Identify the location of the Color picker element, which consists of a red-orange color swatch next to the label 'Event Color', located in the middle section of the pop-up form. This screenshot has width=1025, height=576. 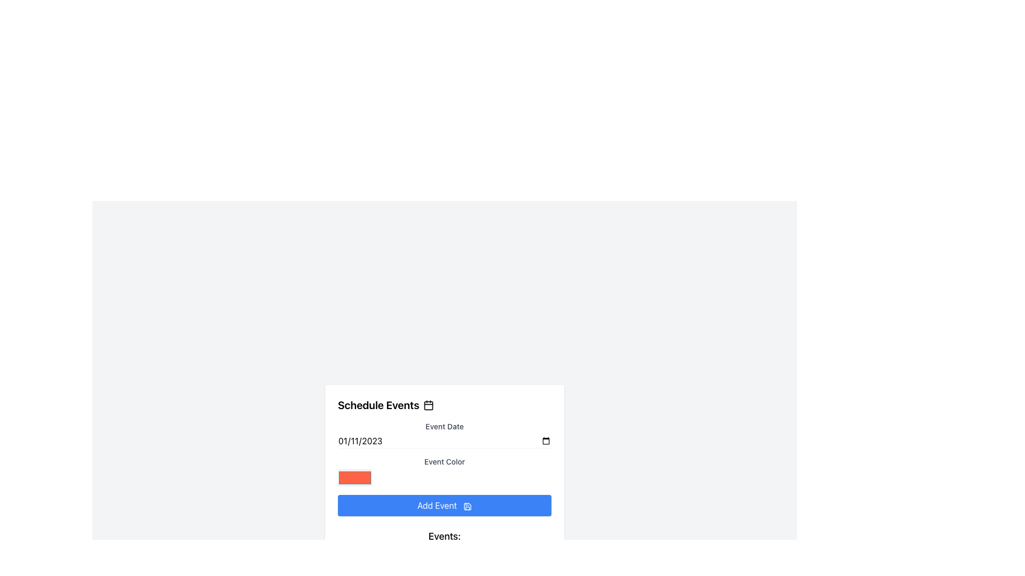
(445, 470).